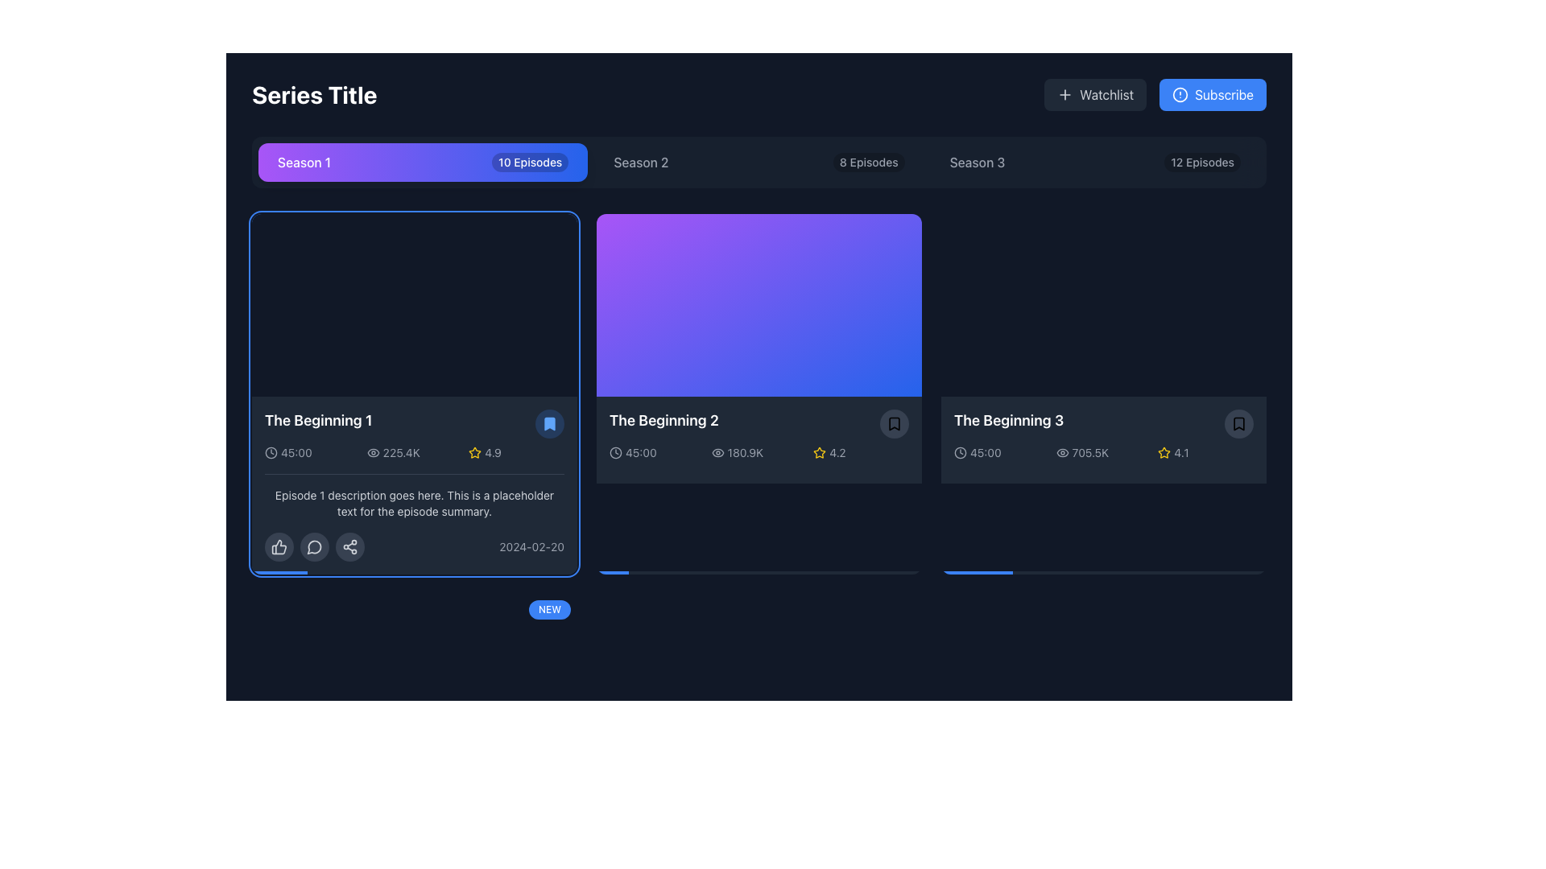  I want to click on the small bookmark icon located in the bottom-right corner of the tile labeled 'The Beginning 3', so click(1238, 423).